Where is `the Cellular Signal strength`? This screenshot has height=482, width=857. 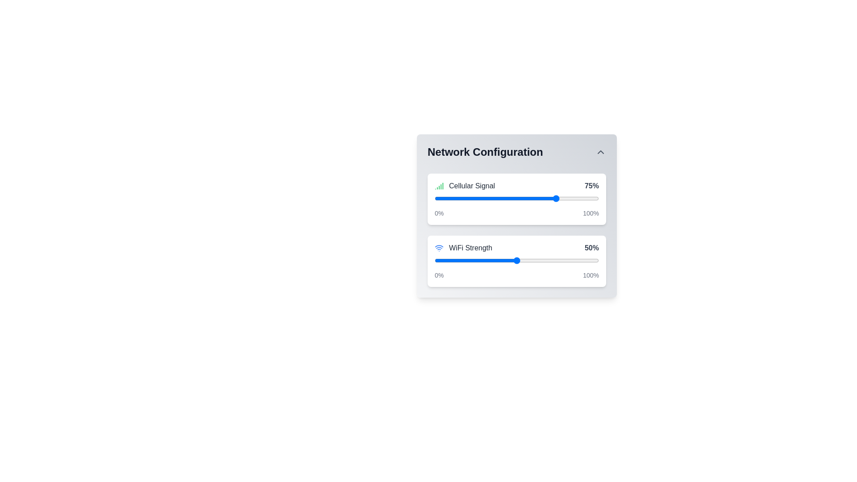
the Cellular Signal strength is located at coordinates (510, 198).